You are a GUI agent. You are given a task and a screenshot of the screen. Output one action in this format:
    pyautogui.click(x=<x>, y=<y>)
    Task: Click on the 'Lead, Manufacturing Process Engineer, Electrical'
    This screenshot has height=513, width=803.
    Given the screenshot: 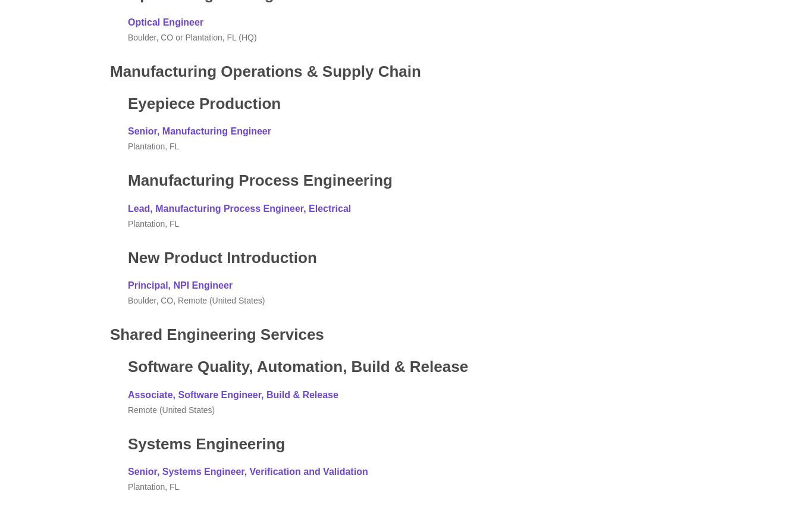 What is the action you would take?
    pyautogui.click(x=239, y=208)
    